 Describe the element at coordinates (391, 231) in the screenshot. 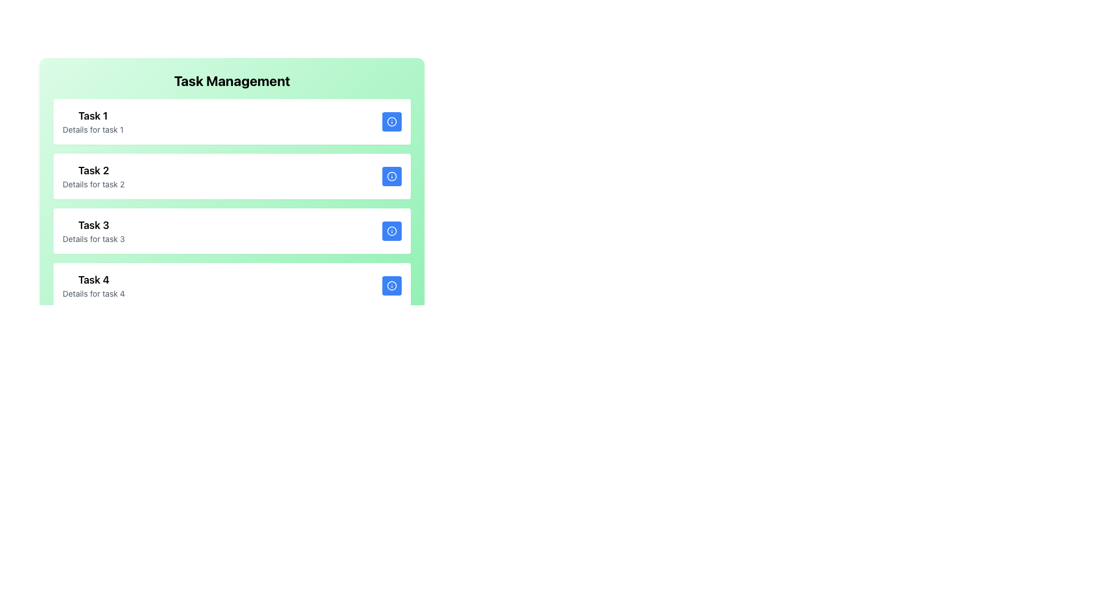

I see `the button located on the right side of the row labeled 'Task 3 Details for task 3'` at that location.